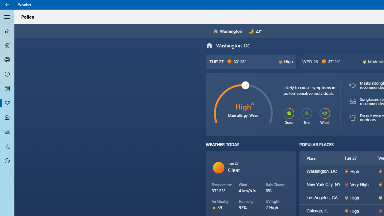 The width and height of the screenshot is (384, 216). I want to click on 'Back', so click(7, 4).